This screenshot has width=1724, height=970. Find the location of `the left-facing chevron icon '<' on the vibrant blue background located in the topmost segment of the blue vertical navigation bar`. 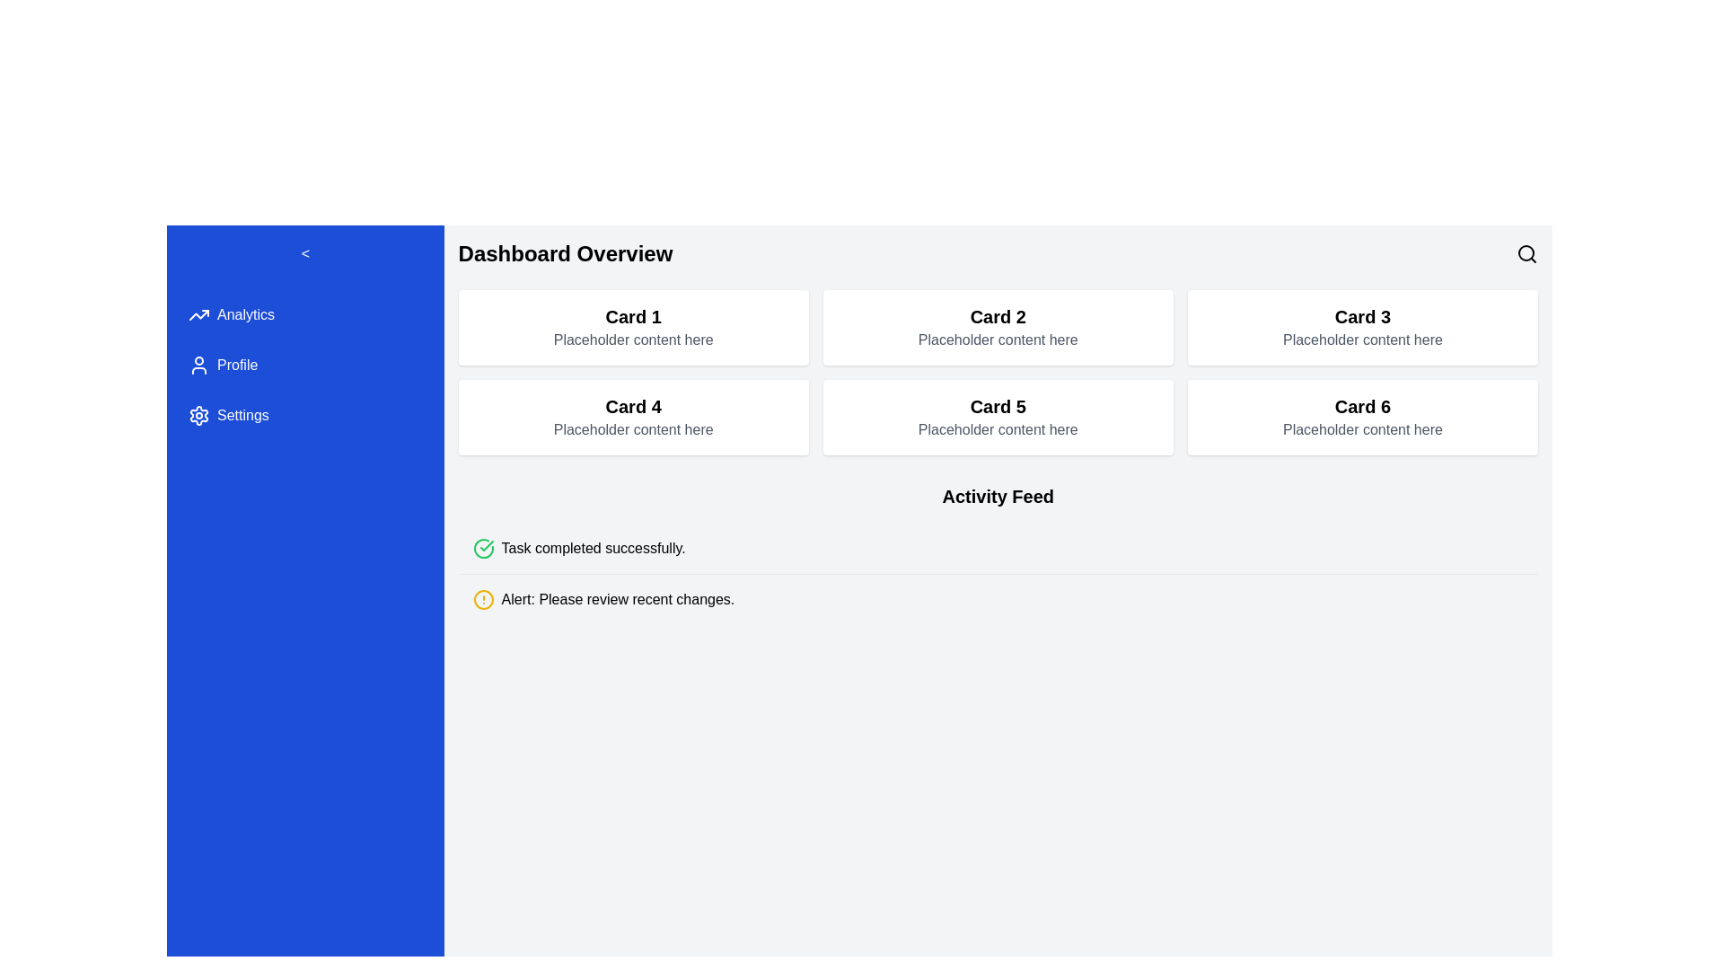

the left-facing chevron icon '<' on the vibrant blue background located in the topmost segment of the blue vertical navigation bar is located at coordinates (305, 253).